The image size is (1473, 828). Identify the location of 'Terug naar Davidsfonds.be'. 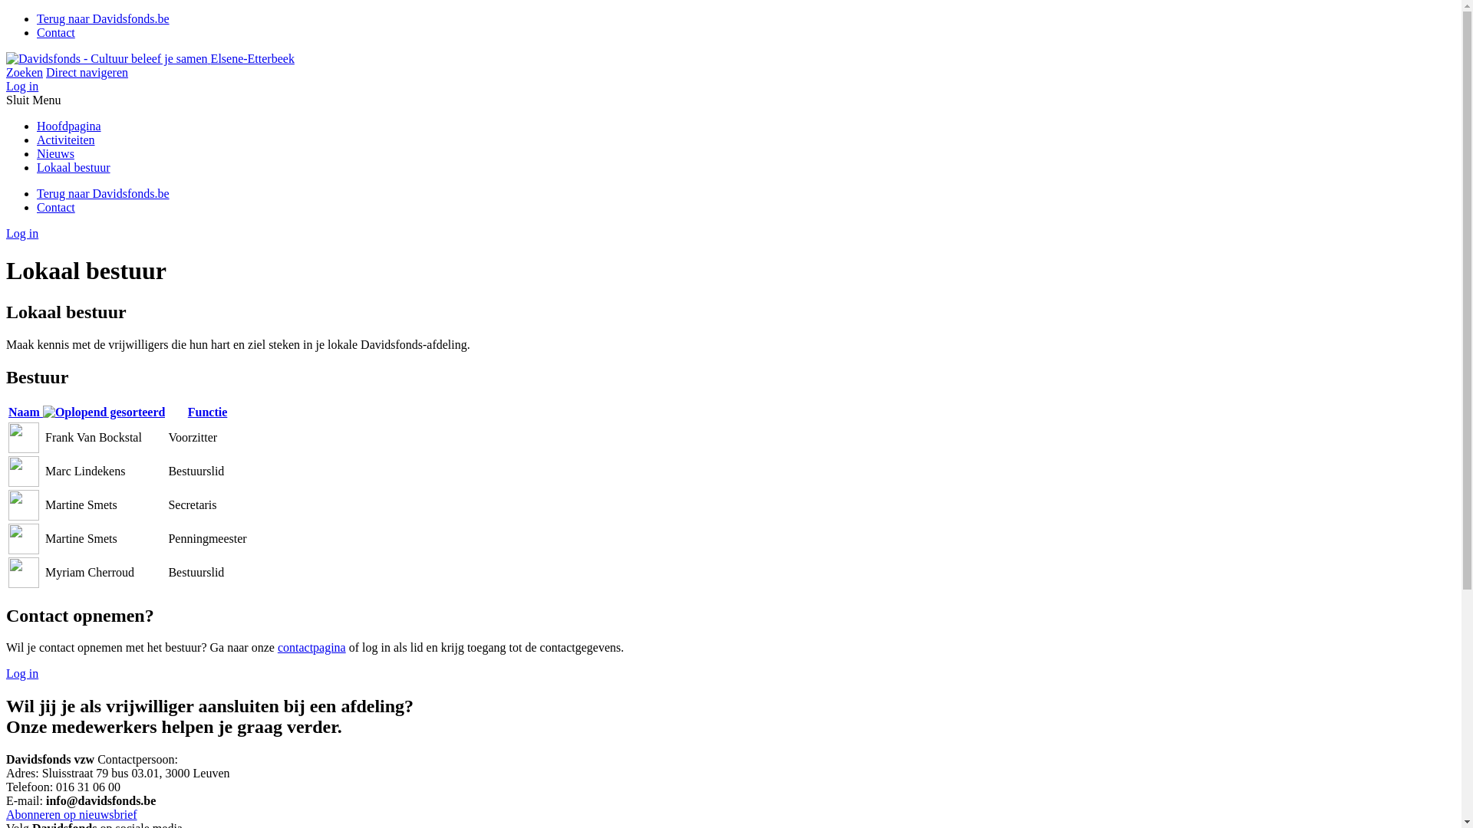
(37, 18).